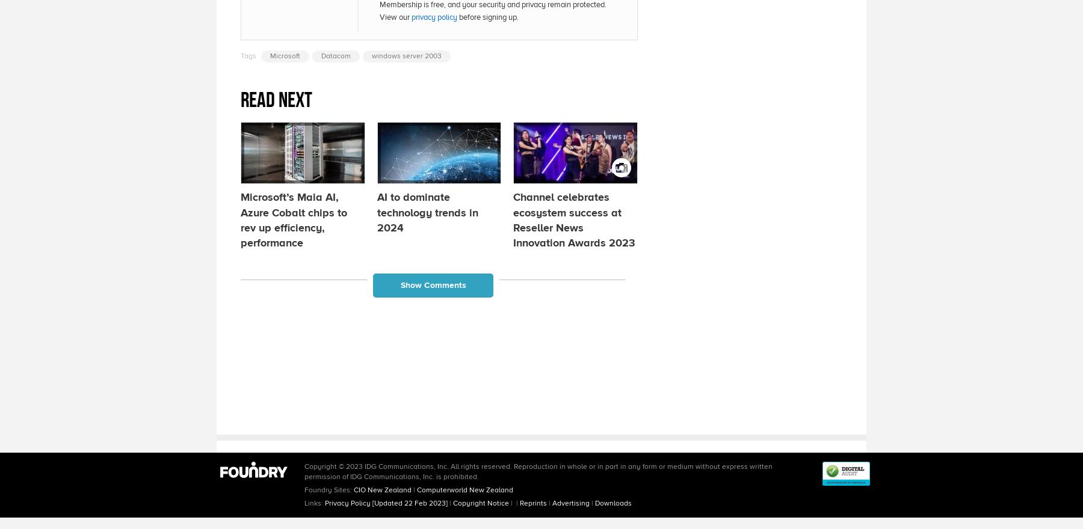 The image size is (1083, 529). I want to click on 'windows server 2003', so click(406, 55).